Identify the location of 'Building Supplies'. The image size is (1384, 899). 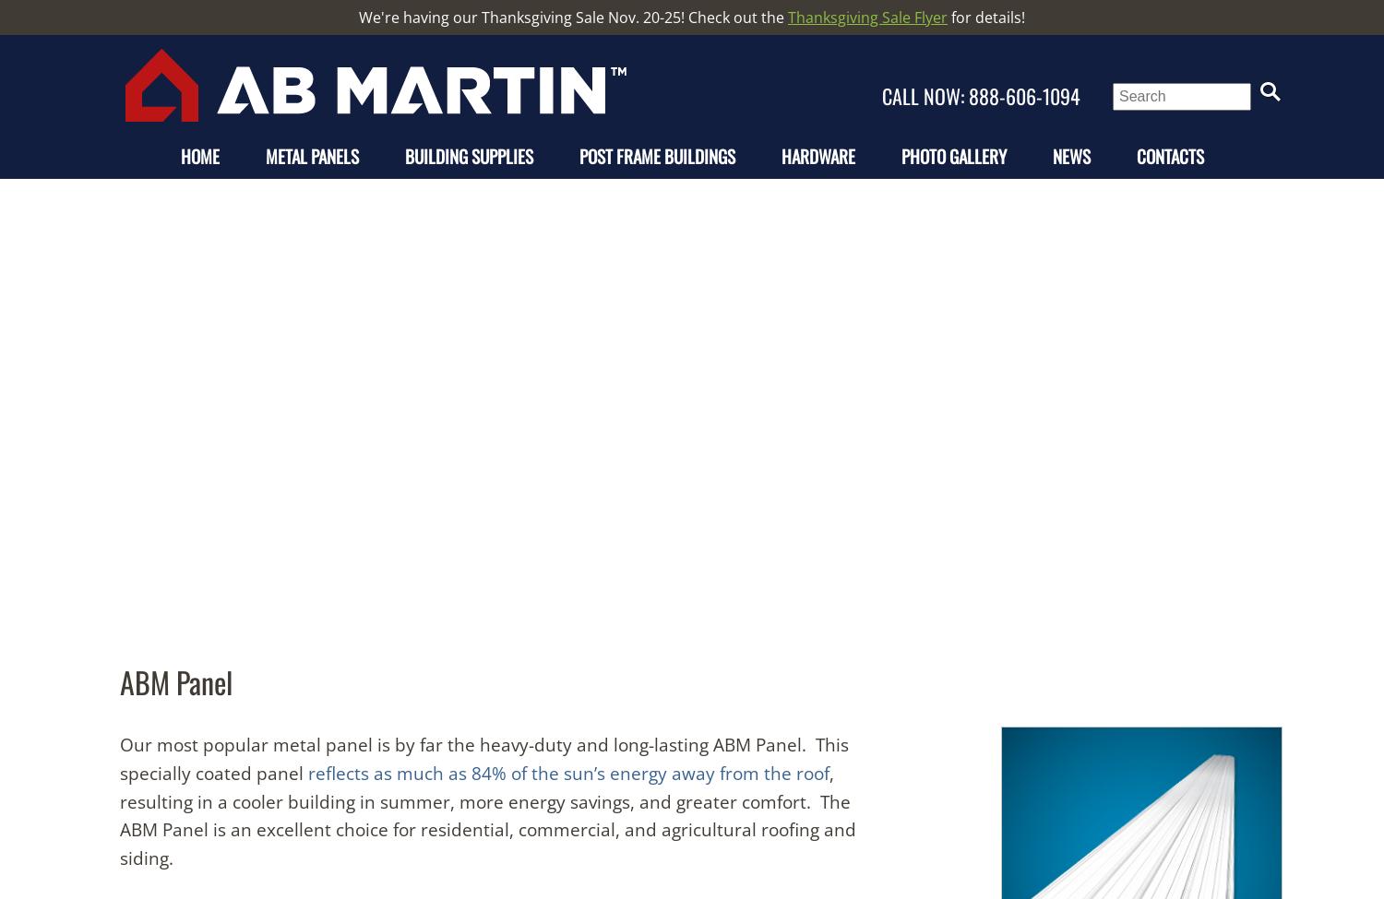
(468, 155).